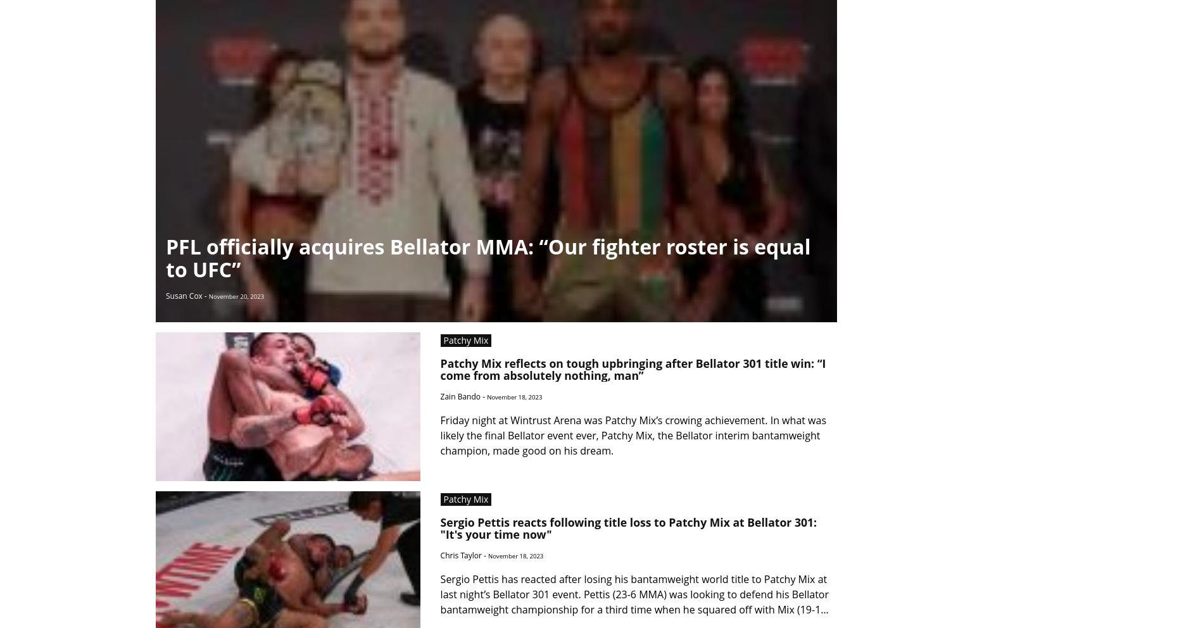  What do you see at coordinates (628, 527) in the screenshot?
I see `'Sergio Pettis reacts following title loss to Patchy Mix at Bellator 301: "It's your time now"'` at bounding box center [628, 527].